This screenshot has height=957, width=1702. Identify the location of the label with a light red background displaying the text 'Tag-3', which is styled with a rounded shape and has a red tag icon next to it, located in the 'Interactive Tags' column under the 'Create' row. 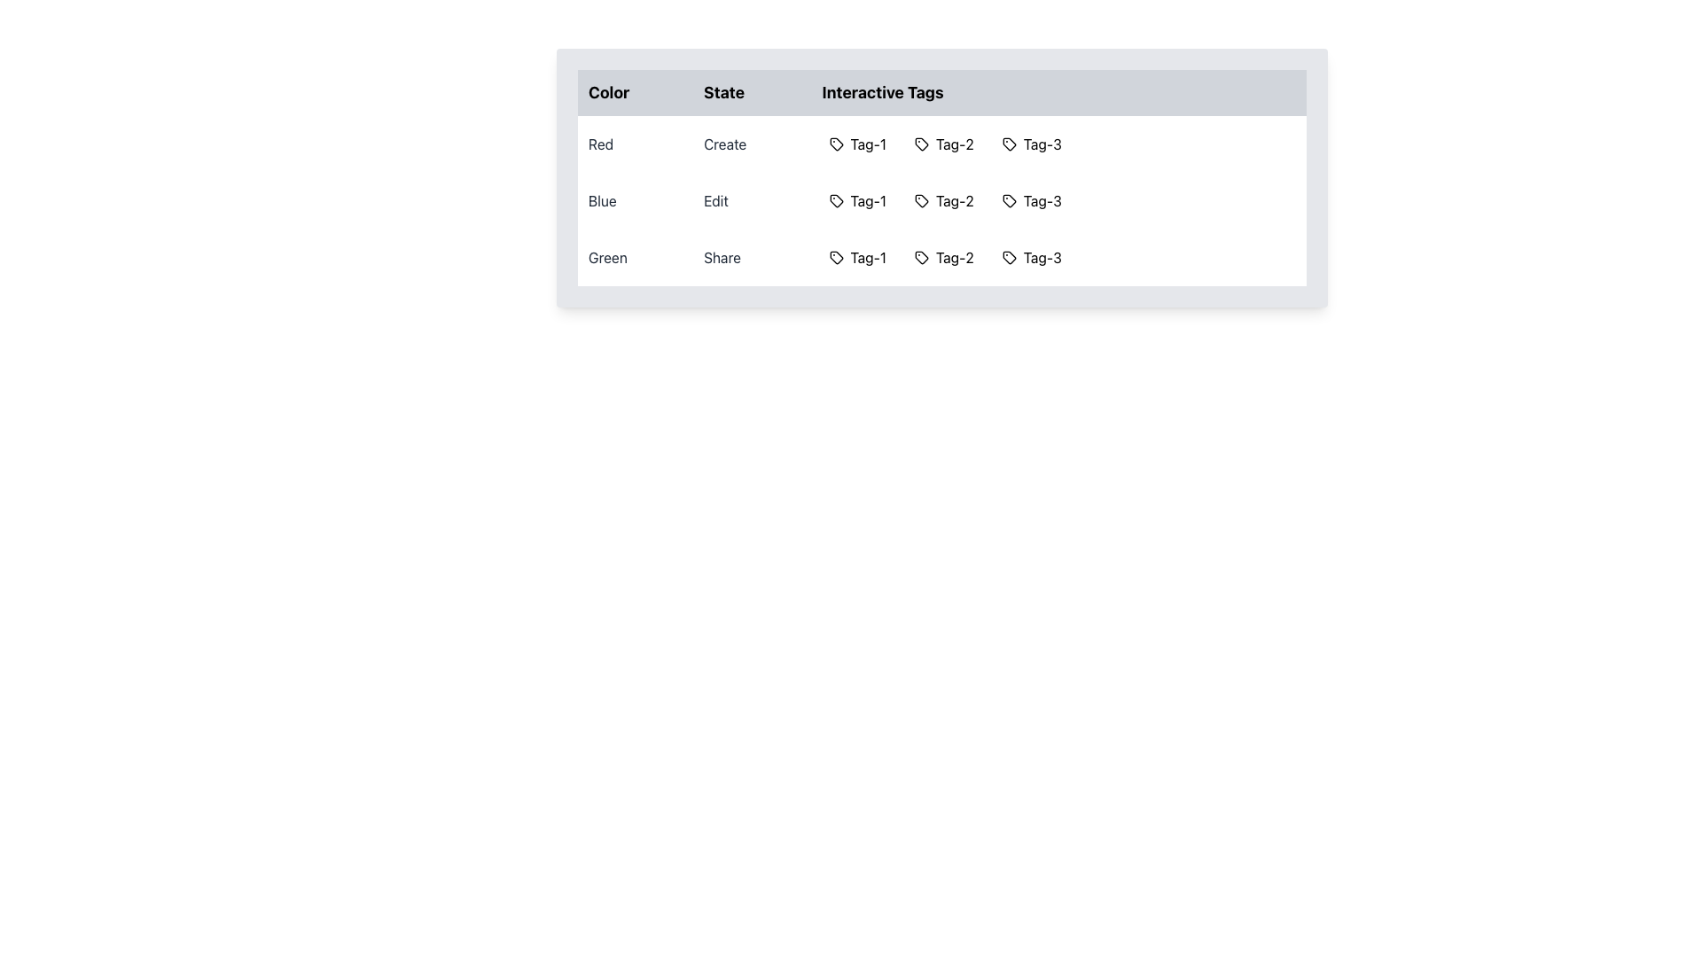
(1032, 143).